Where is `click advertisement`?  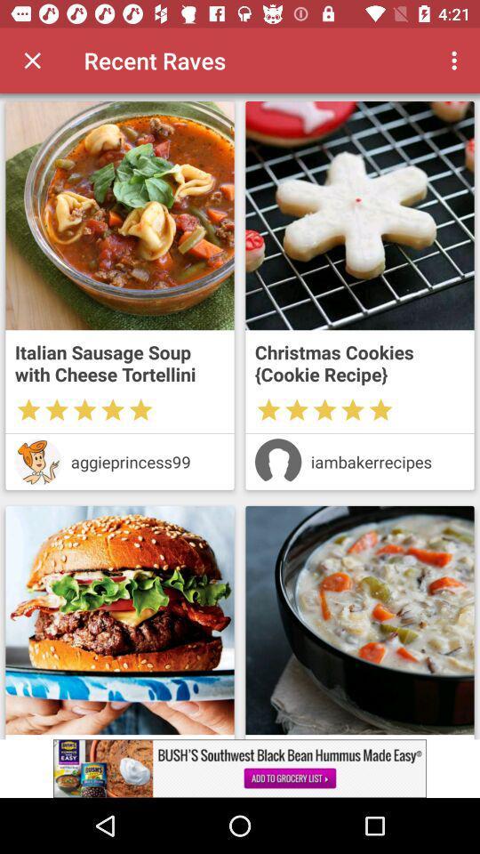
click advertisement is located at coordinates (240, 768).